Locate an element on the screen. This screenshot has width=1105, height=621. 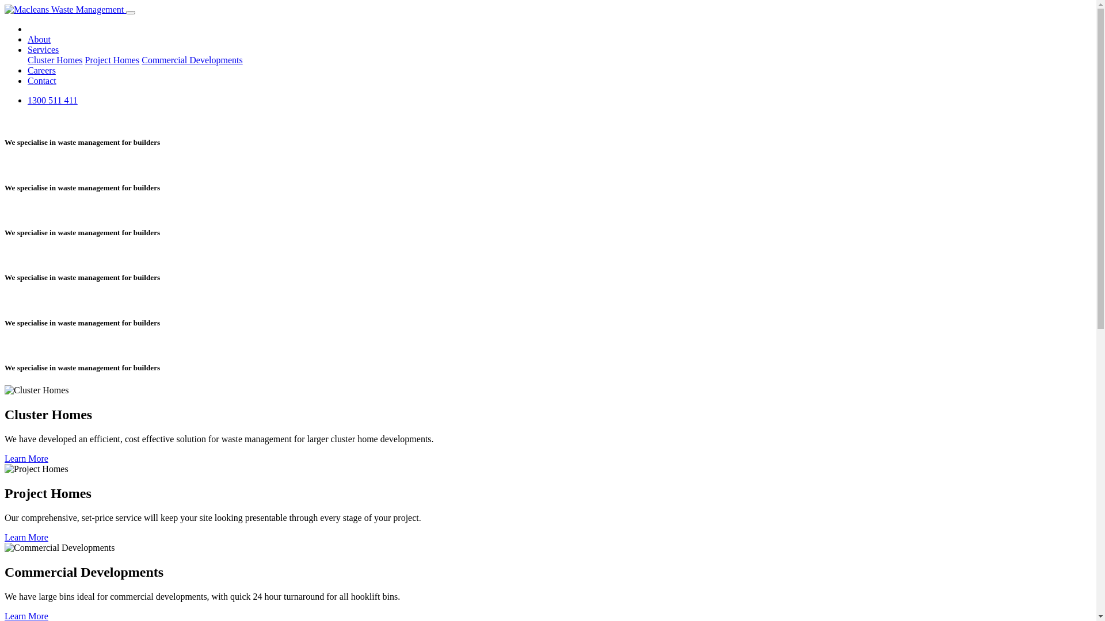
'Careers' is located at coordinates (41, 70).